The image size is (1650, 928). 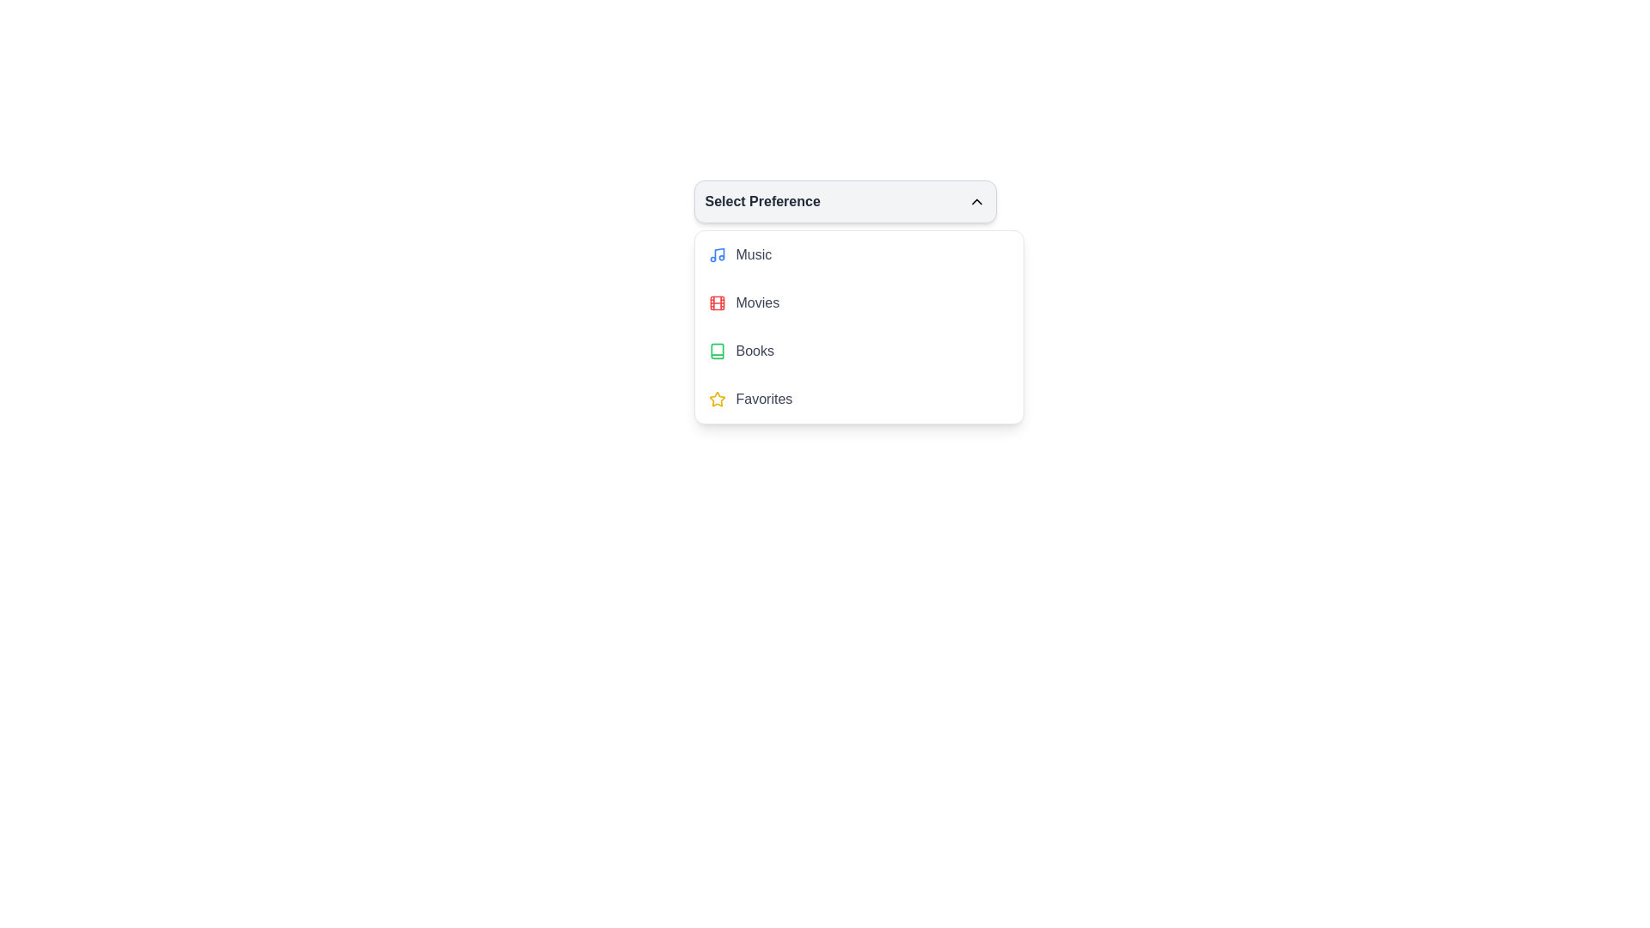 What do you see at coordinates (717, 302) in the screenshot?
I see `the red film reel icon located to the left of the 'Movies' text label in the dropdown menu` at bounding box center [717, 302].